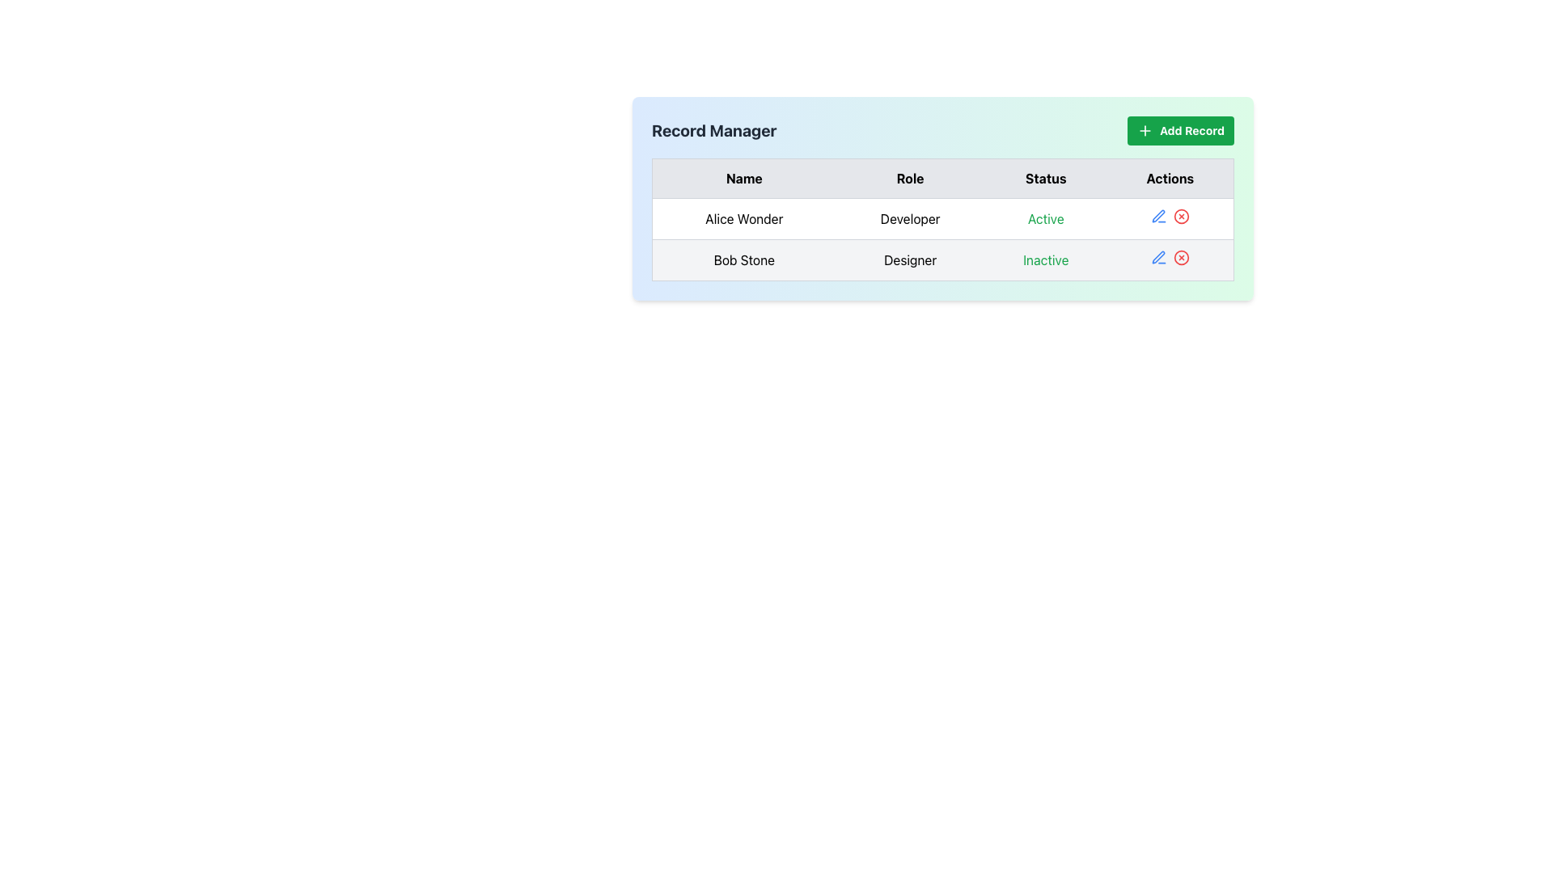 Image resolution: width=1553 pixels, height=873 pixels. I want to click on the 'edit' button located in the 'Actions' section of the second row of the data table to initiate the editing action, so click(1157, 215).